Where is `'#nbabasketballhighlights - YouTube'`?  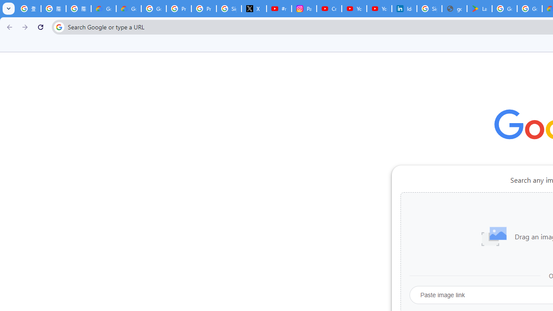
'#nbabasketballhighlights - YouTube' is located at coordinates (279, 9).